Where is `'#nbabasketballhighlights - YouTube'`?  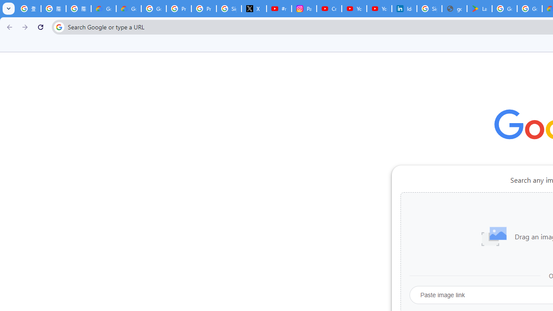
'#nbabasketballhighlights - YouTube' is located at coordinates (279, 9).